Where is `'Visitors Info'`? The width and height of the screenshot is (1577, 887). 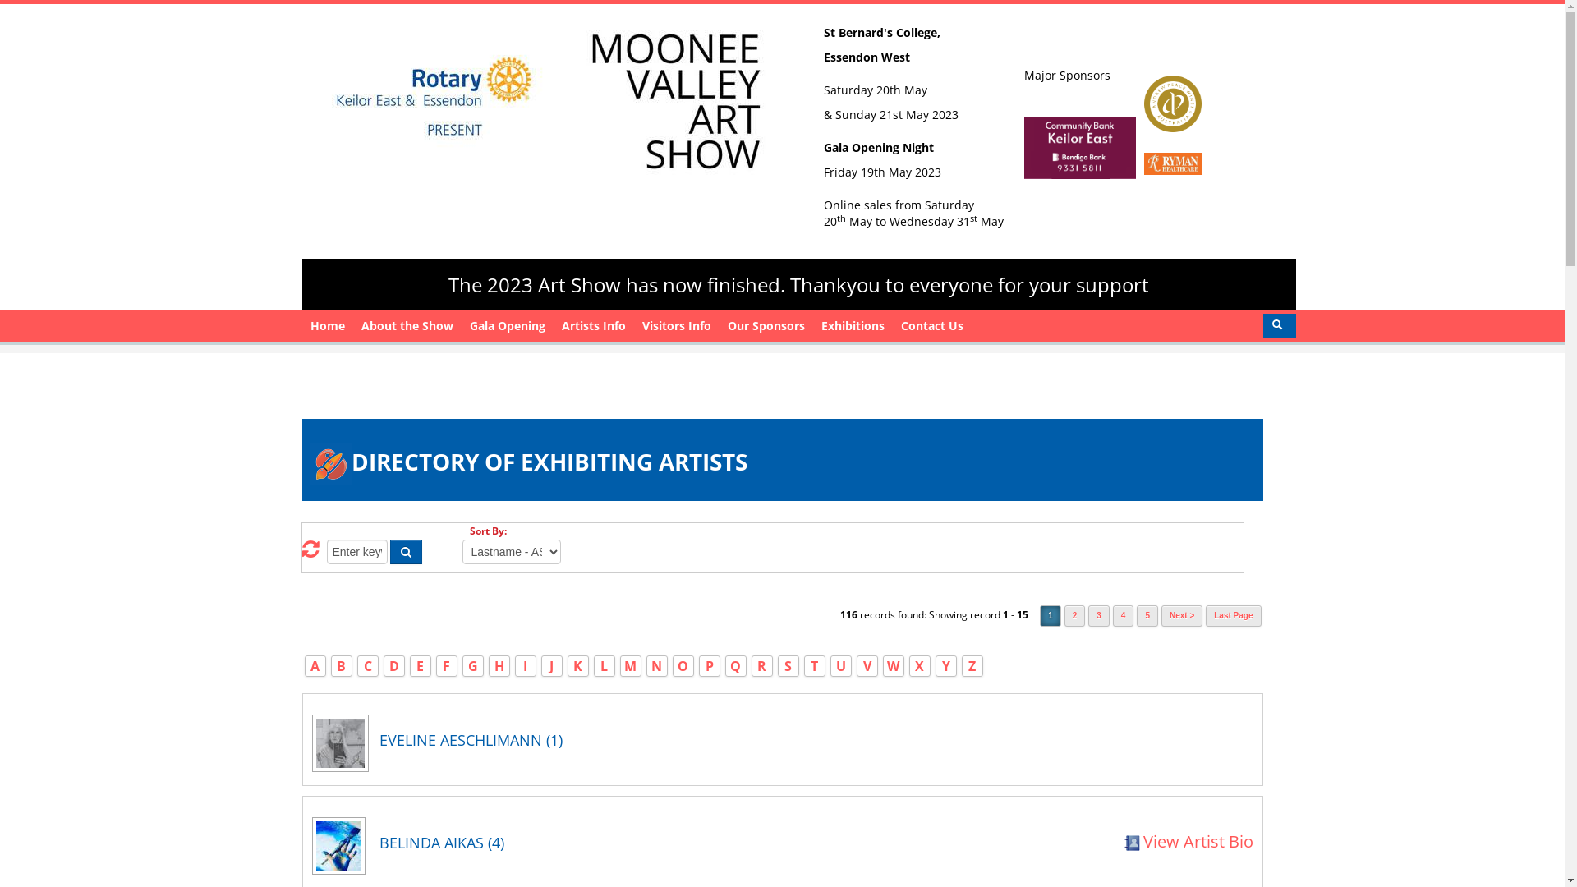
'Visitors Info' is located at coordinates (677, 326).